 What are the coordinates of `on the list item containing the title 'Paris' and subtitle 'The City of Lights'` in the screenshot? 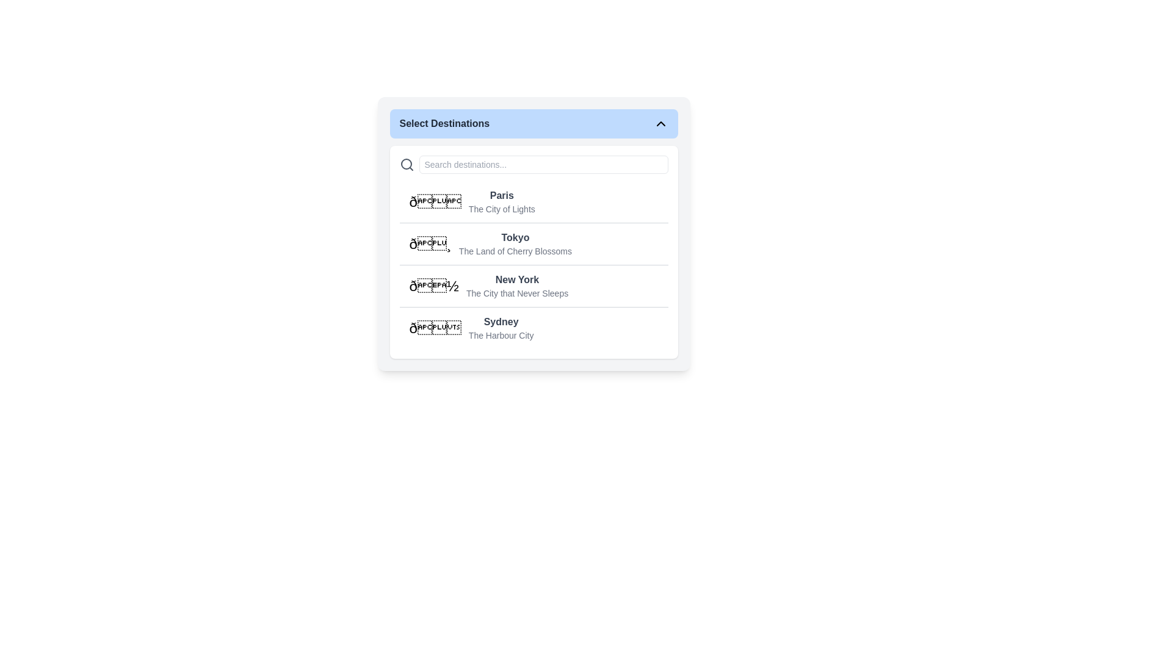 It's located at (502, 201).